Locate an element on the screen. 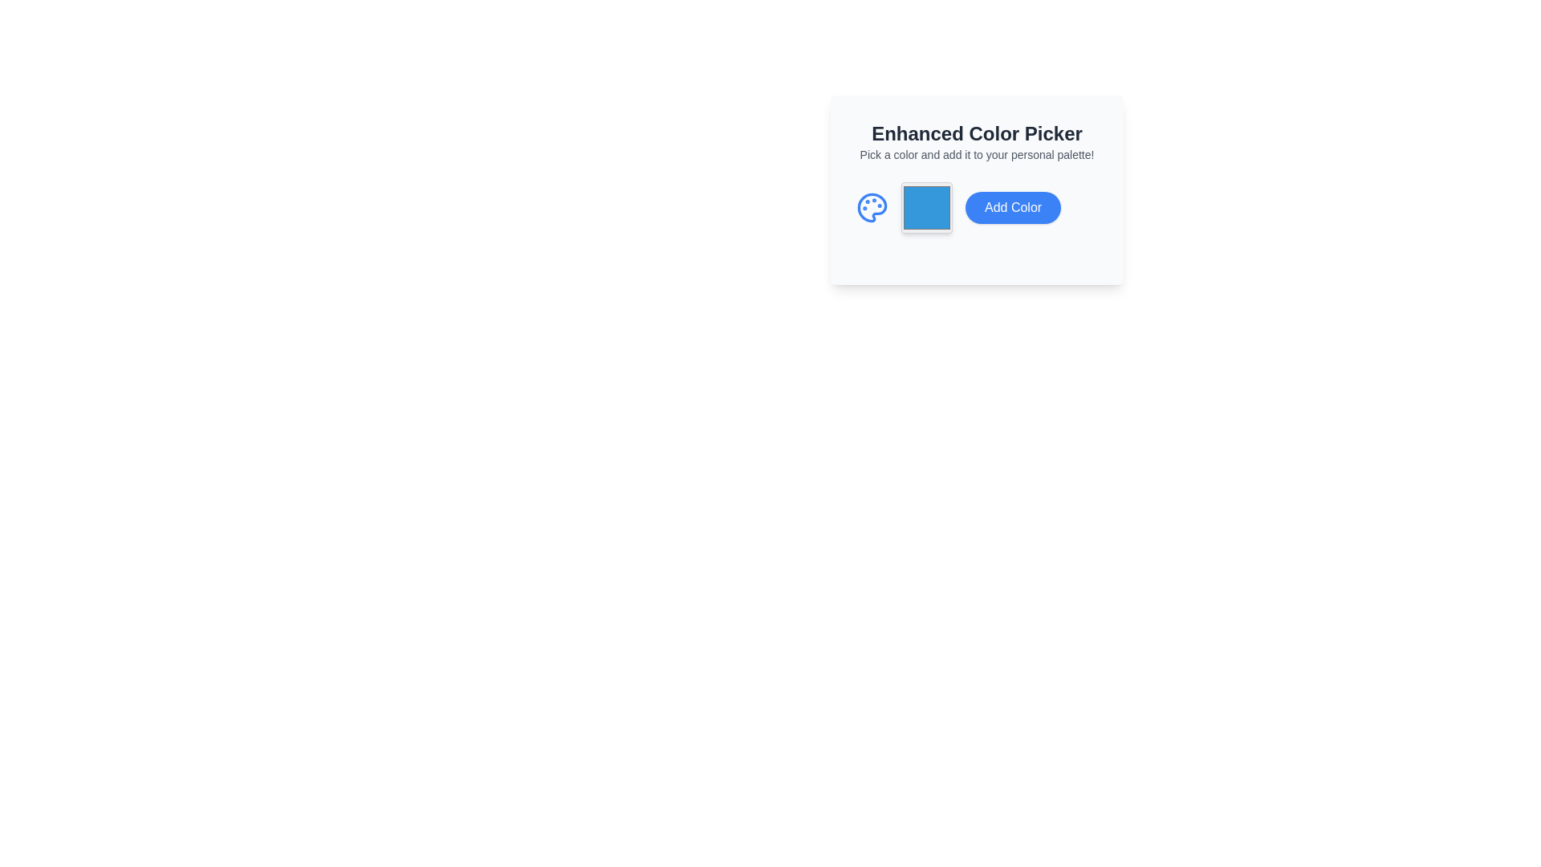 Image resolution: width=1541 pixels, height=867 pixels. the button that adds the currently selected color to the palette, located at the far right of the color picker interface is located at coordinates (976, 206).